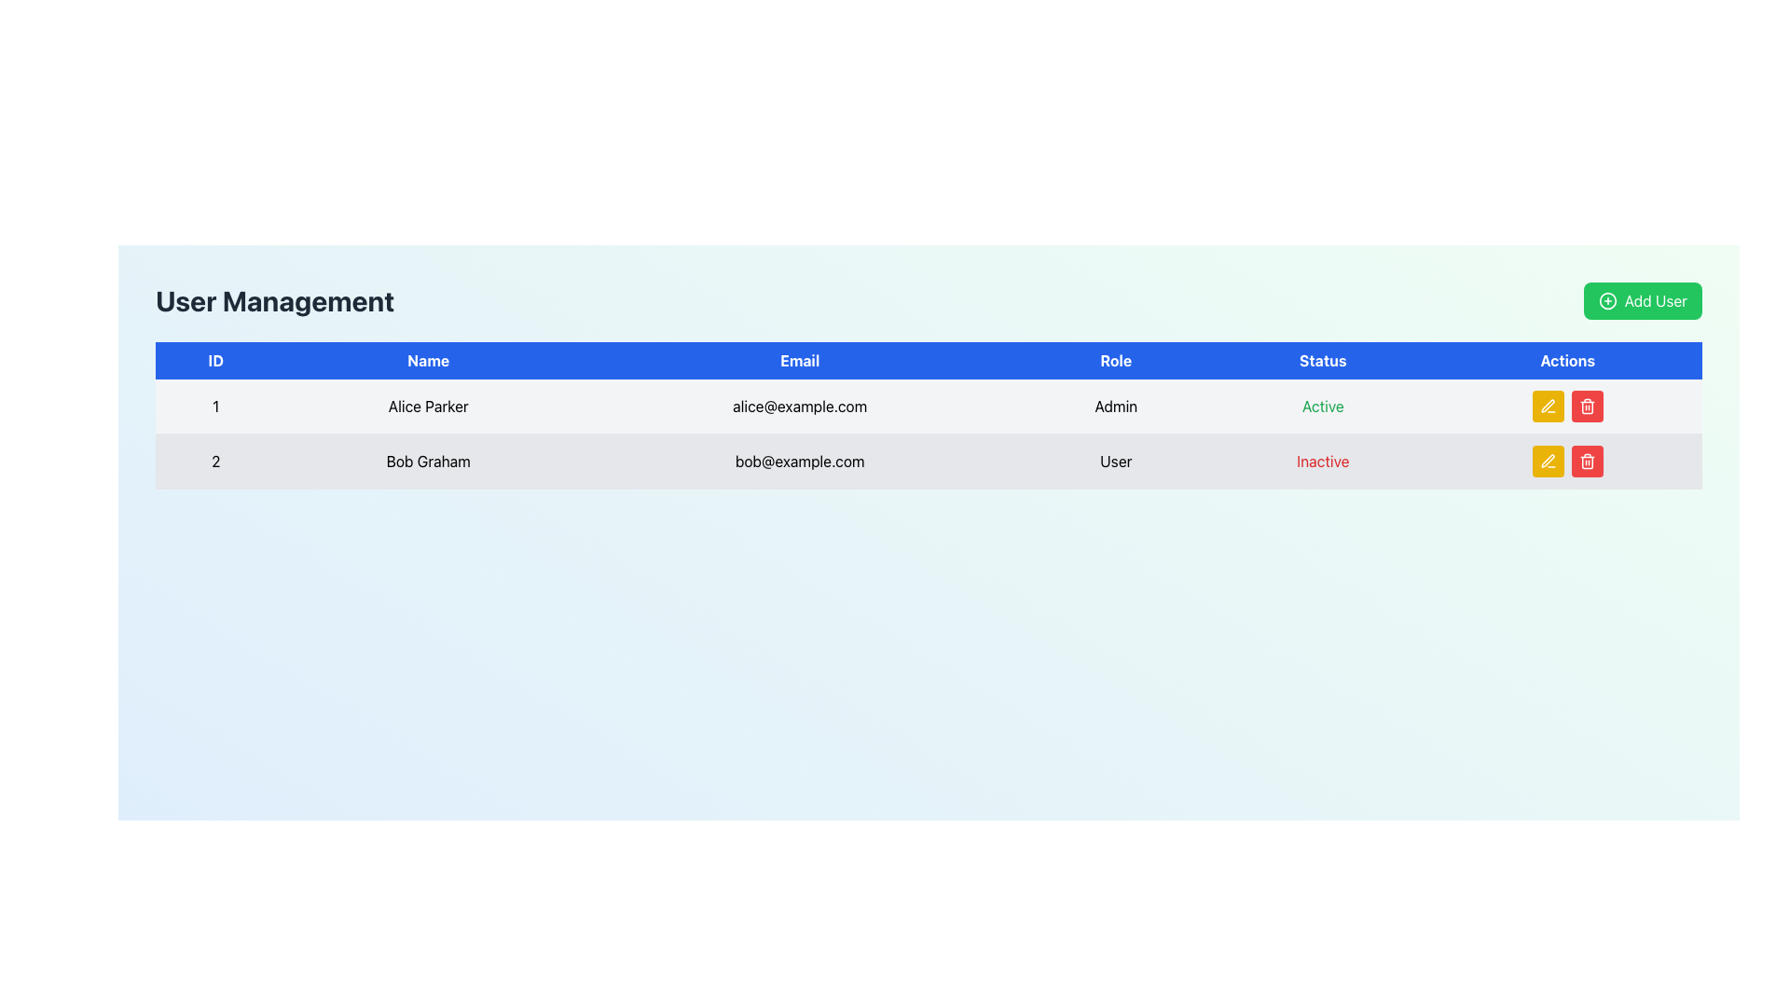 This screenshot has height=1007, width=1790. Describe the element at coordinates (215, 360) in the screenshot. I see `the blue rectangular label with the text 'ID' that is prominently styled and located at the top left section of the table header, adjacent to the 'Name' label` at that location.